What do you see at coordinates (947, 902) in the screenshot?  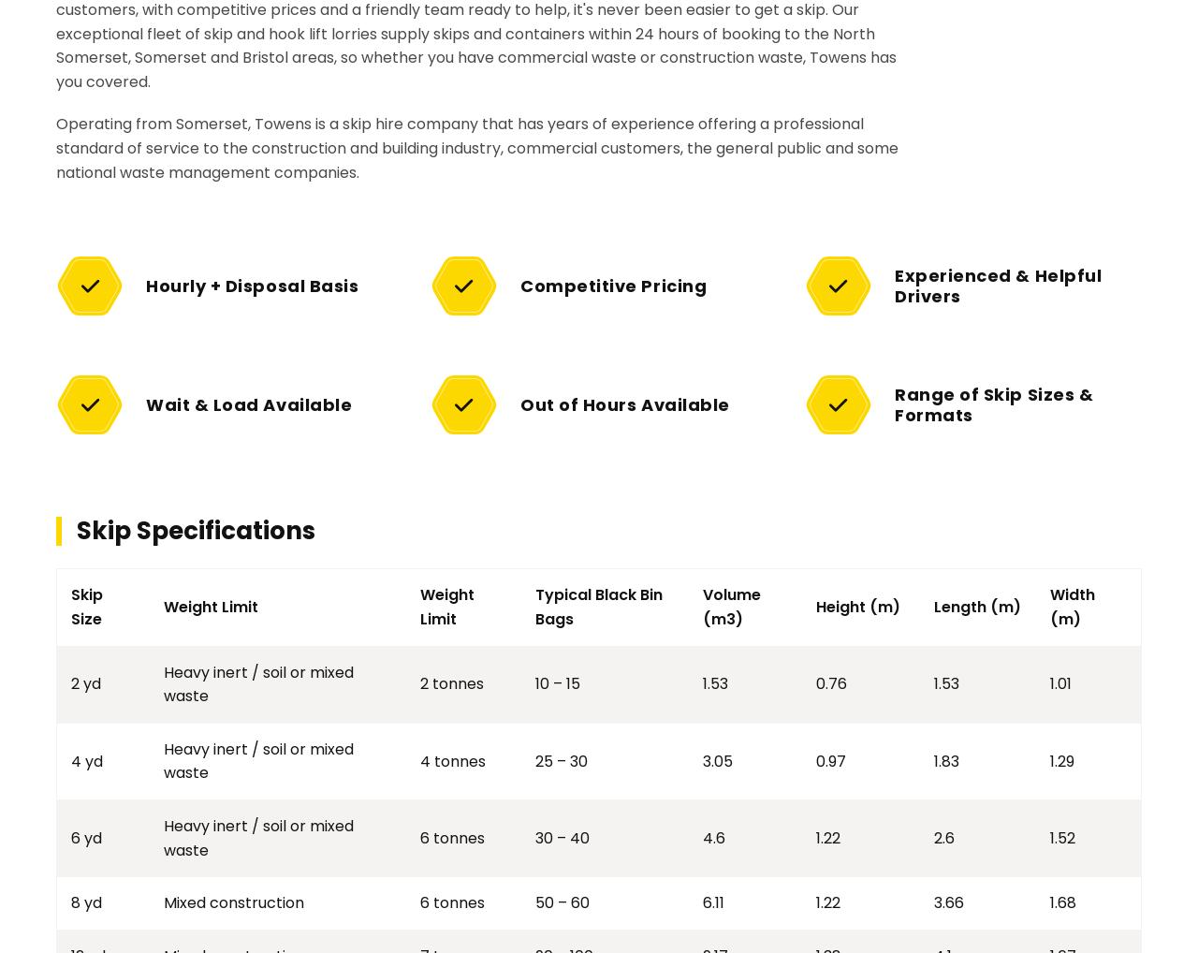 I see `'3.66'` at bounding box center [947, 902].